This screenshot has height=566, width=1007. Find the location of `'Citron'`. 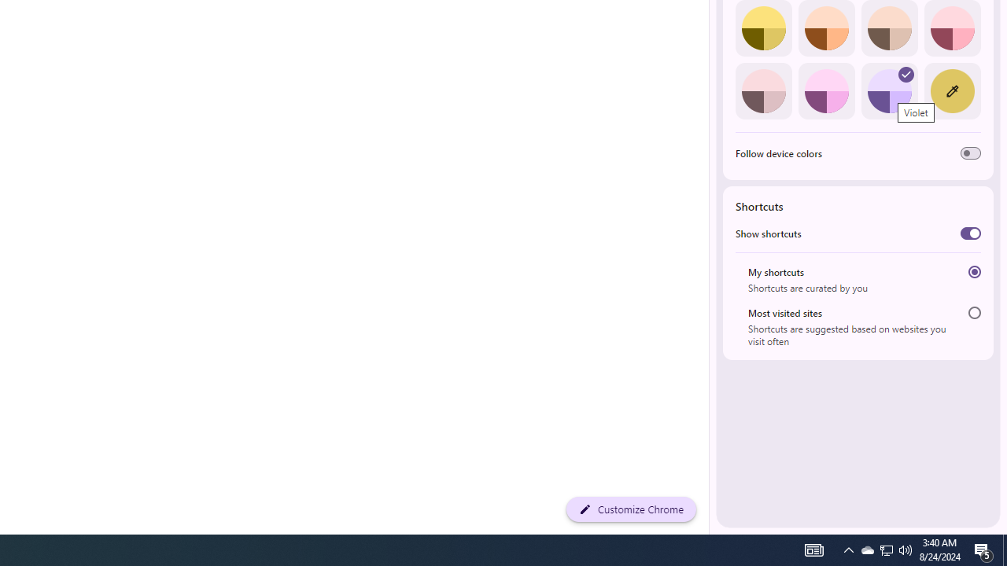

'Citron' is located at coordinates (763, 28).